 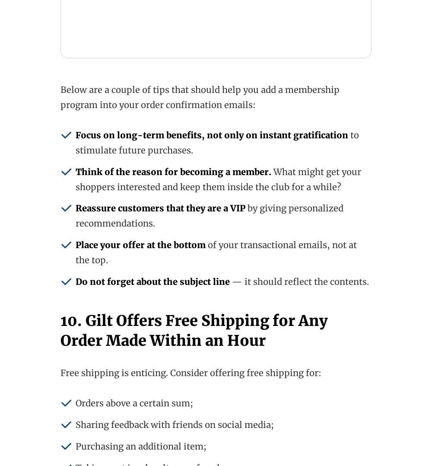 What do you see at coordinates (160, 207) in the screenshot?
I see `'Reassure customers that they are a VIP'` at bounding box center [160, 207].